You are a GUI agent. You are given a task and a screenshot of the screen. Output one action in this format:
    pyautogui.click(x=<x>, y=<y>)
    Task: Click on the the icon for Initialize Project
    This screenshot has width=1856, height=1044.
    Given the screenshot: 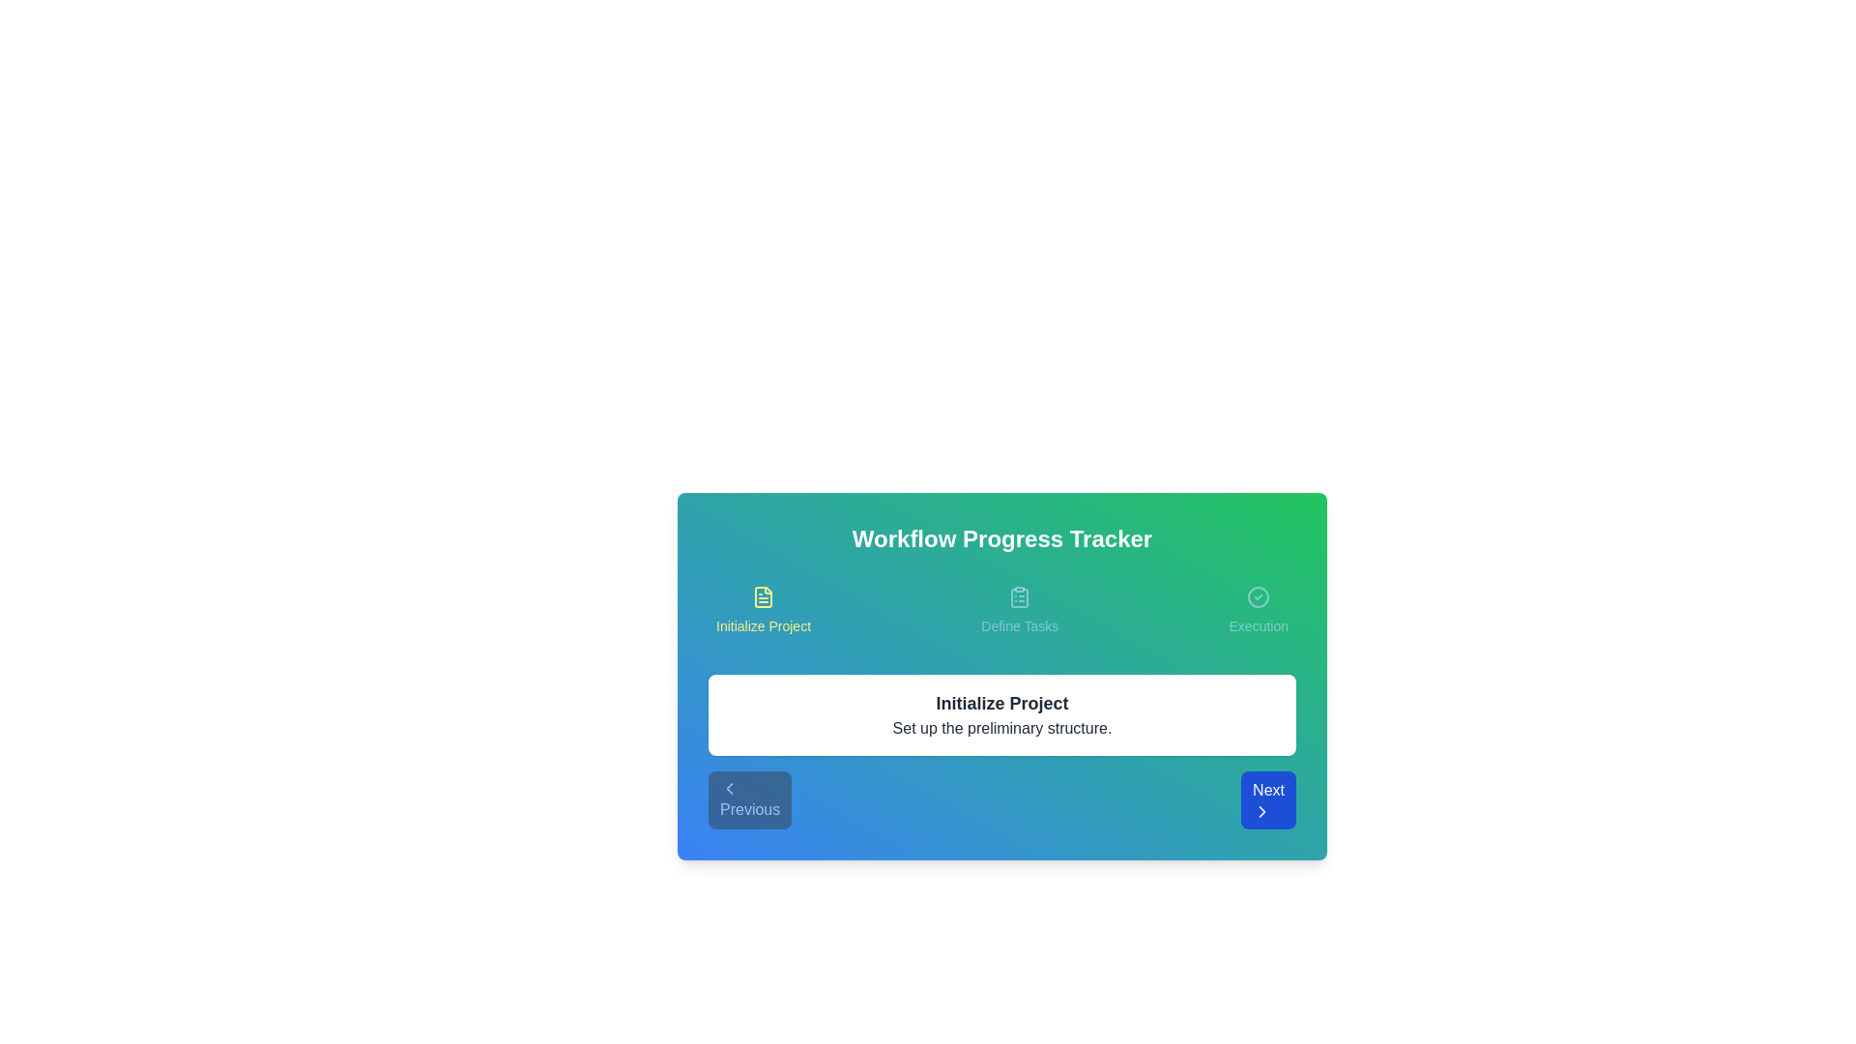 What is the action you would take?
    pyautogui.click(x=763, y=595)
    